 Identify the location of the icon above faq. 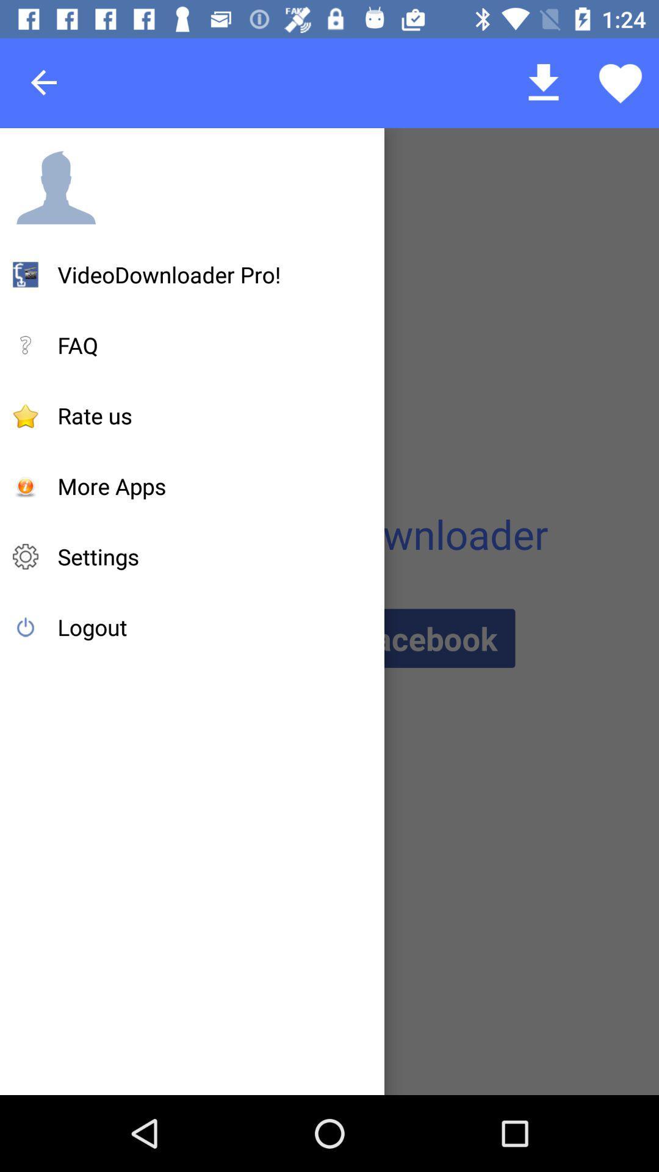
(169, 274).